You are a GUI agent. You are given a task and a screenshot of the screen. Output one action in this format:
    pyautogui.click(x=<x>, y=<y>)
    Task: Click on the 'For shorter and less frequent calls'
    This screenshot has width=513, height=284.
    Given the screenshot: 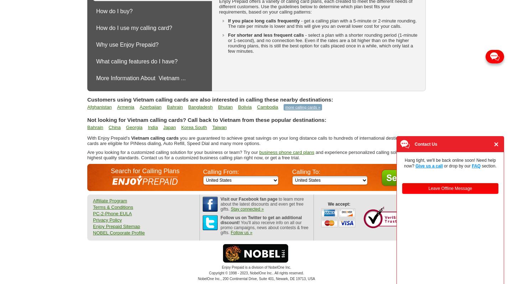 What is the action you would take?
    pyautogui.click(x=265, y=35)
    